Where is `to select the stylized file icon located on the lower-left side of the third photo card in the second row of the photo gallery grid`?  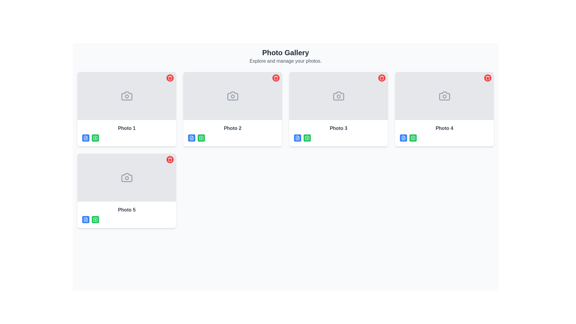
to select the stylized file icon located on the lower-left side of the third photo card in the second row of the photo gallery grid is located at coordinates (298, 138).